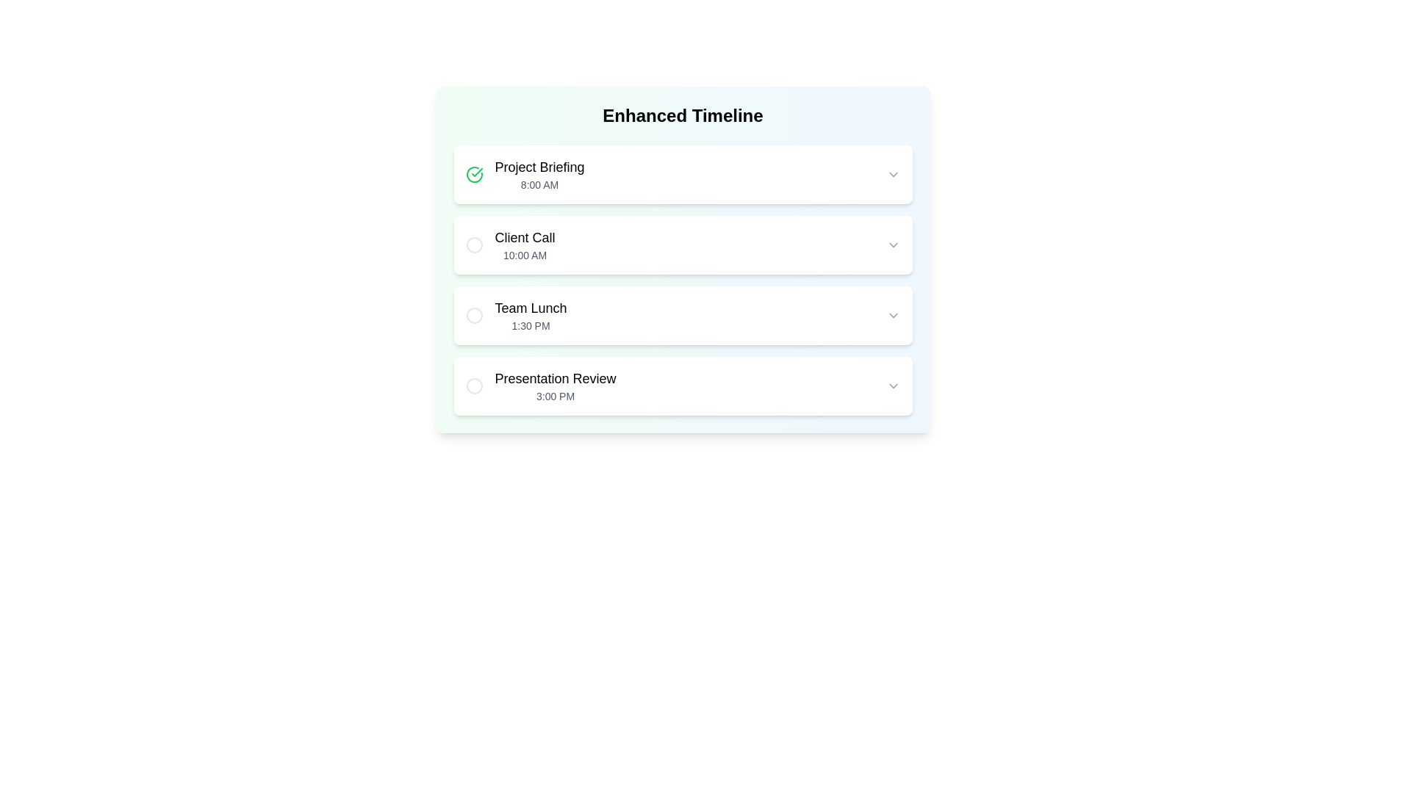 This screenshot has height=793, width=1411. What do you see at coordinates (525, 174) in the screenshot?
I see `the first event entry in the Enhanced Timeline list, which is positioned above 'Client Call', 'Team Lunch', and 'Presentation Review'` at bounding box center [525, 174].